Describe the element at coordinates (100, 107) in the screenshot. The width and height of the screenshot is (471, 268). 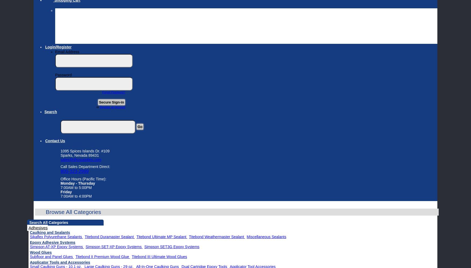
I see `'Register an Account'` at that location.